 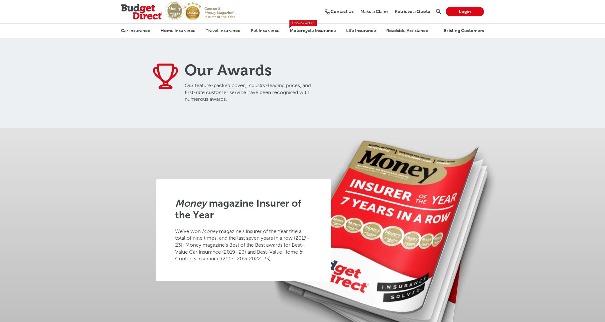 I want to click on 'Our feature-packed cover, industry-leading prices, and first-rate customer service have been recognised with numerous awards.', so click(x=247, y=92).